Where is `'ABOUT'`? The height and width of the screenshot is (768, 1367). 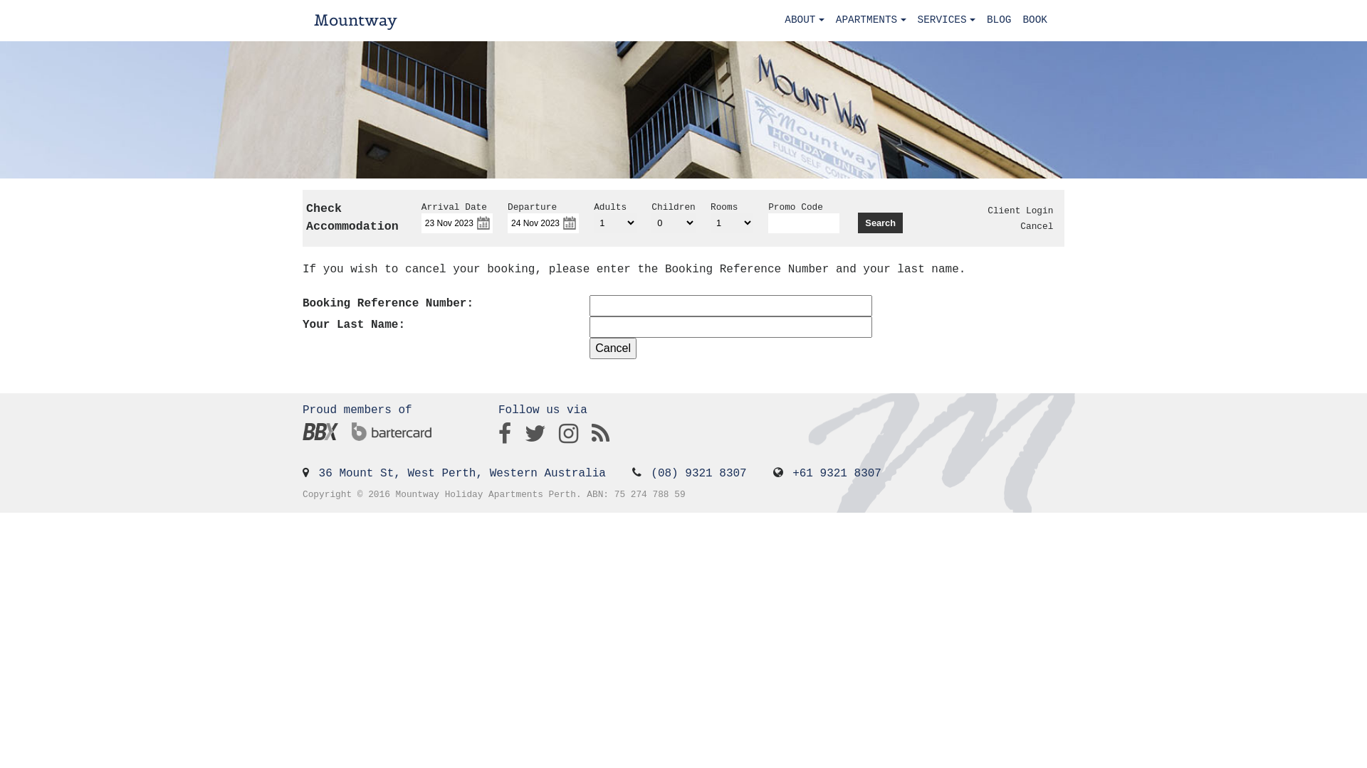
'ABOUT' is located at coordinates (804, 21).